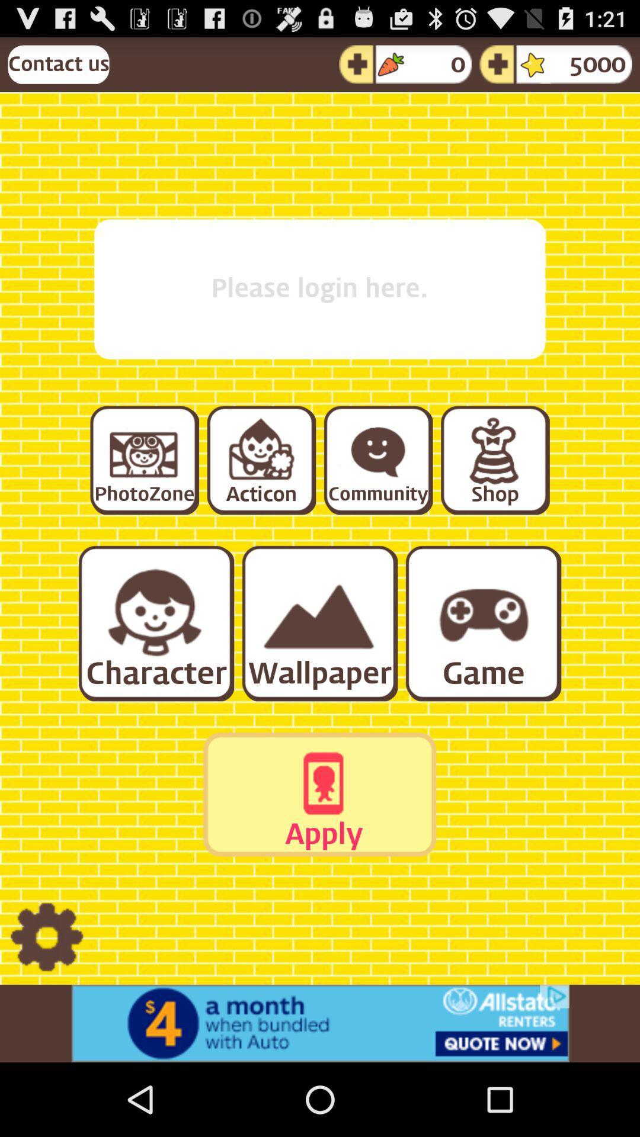 This screenshot has width=640, height=1137. I want to click on setting, so click(46, 937).